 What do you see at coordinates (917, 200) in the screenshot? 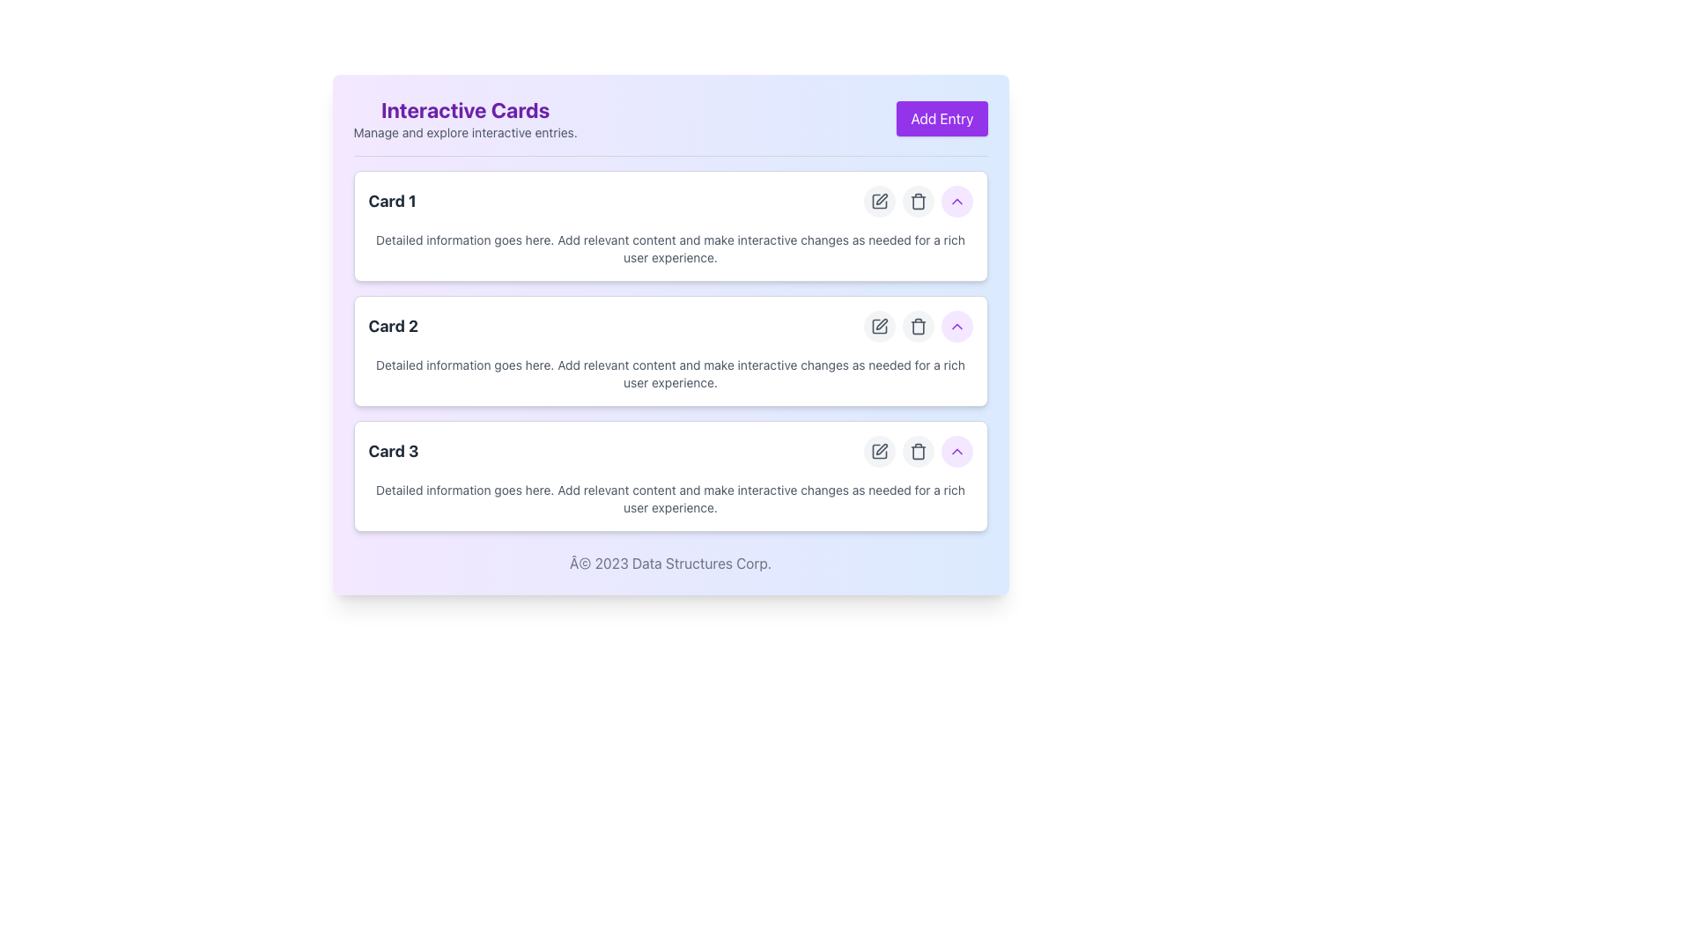
I see `the trash icon button located in the second card's interactive icons cluster near the top right corner to change its background color` at bounding box center [917, 200].